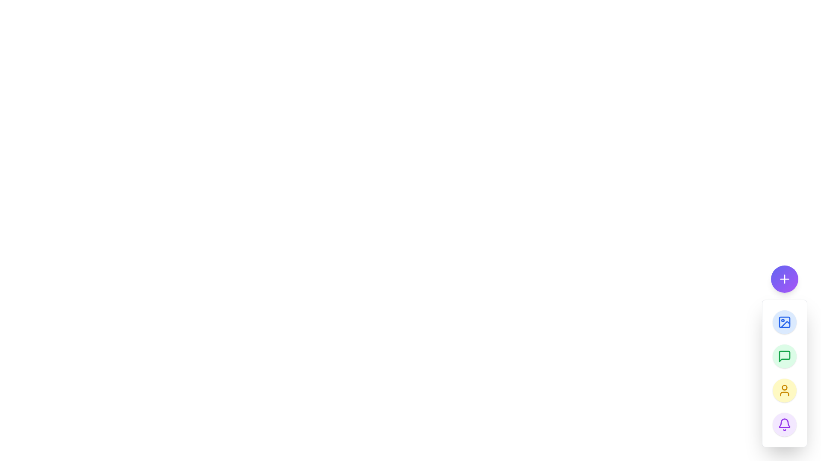 This screenshot has height=461, width=821. I want to click on the interactive button that accesses user profile information, located third from the top in a vertical series of buttons, so click(784, 390).